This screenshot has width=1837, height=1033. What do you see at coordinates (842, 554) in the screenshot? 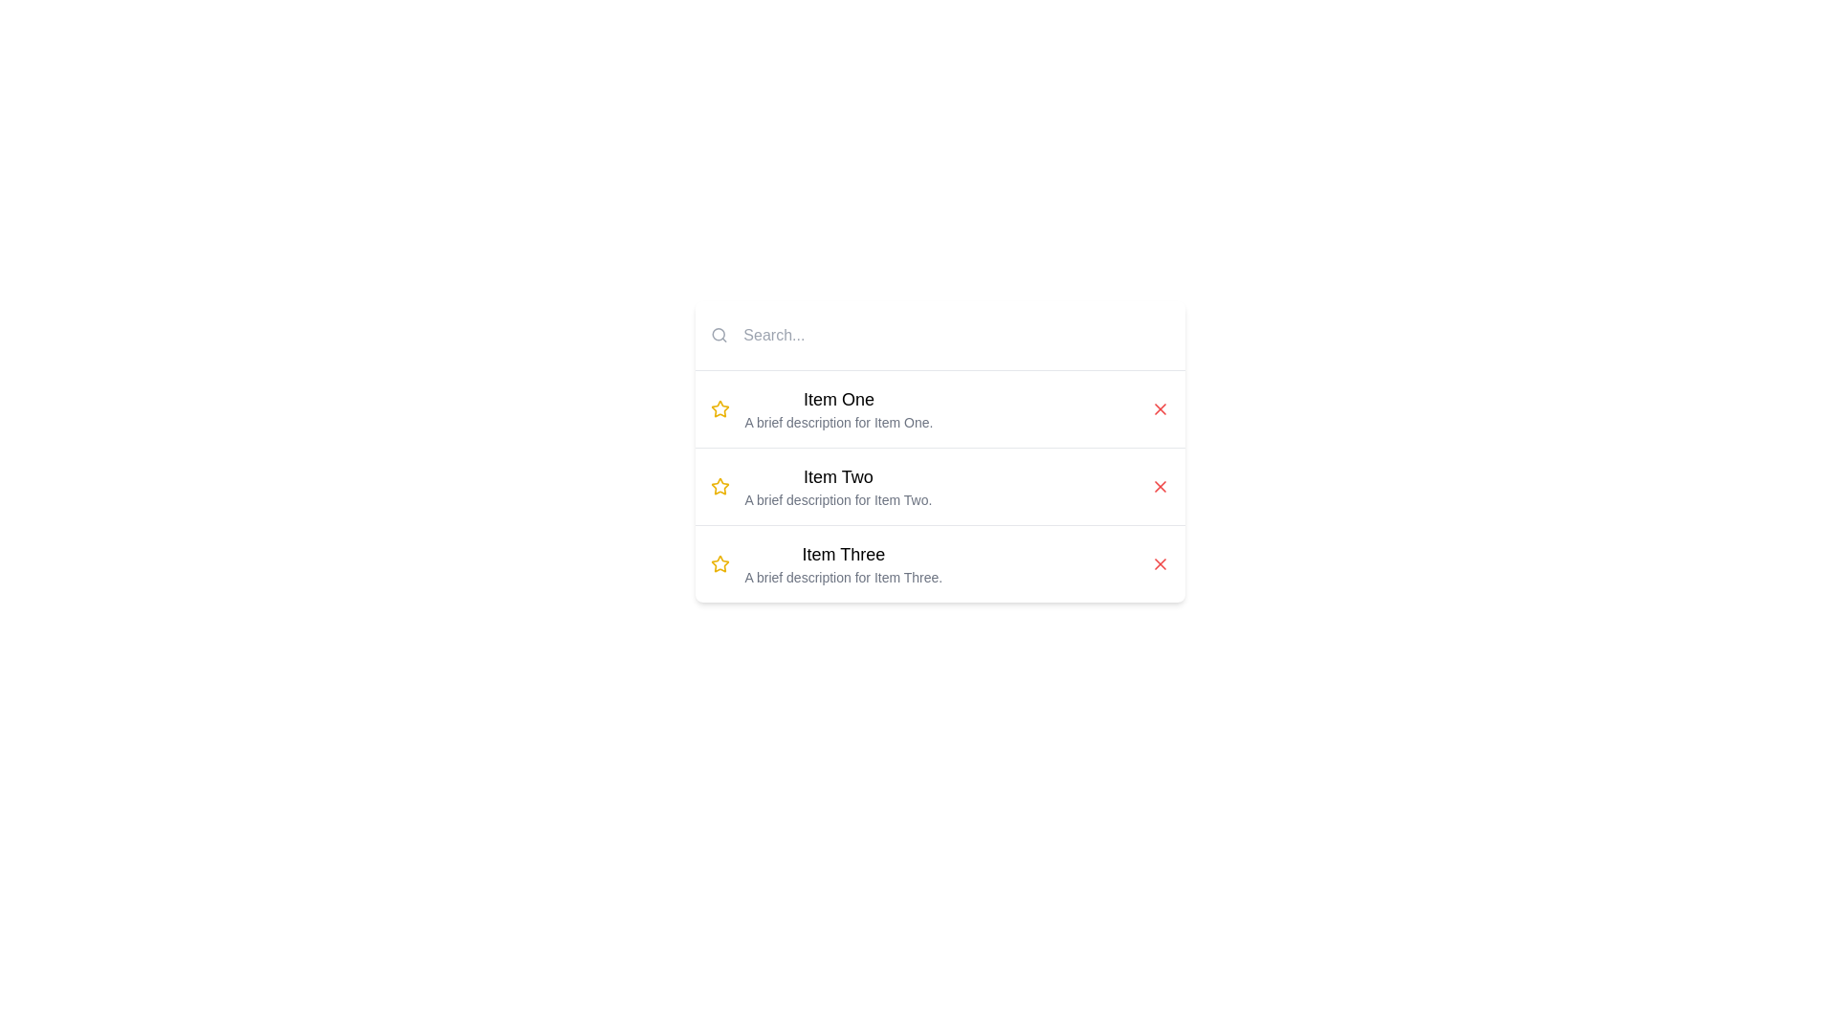
I see `text content of the title label located within the third item of the list interface, which serves as an identifier for the associated content below it` at bounding box center [842, 554].